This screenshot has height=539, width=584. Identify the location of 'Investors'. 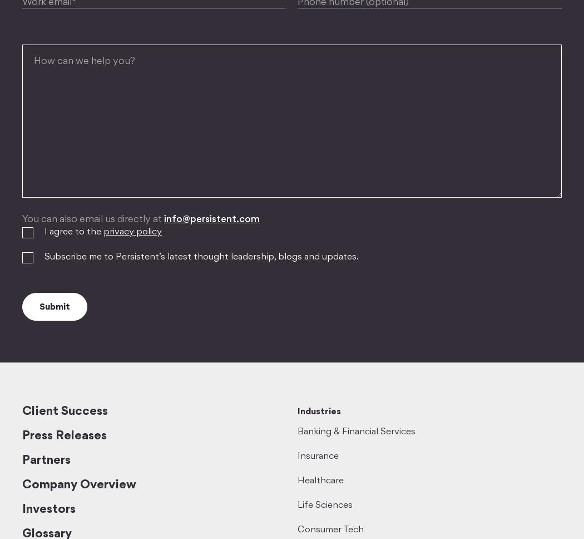
(48, 509).